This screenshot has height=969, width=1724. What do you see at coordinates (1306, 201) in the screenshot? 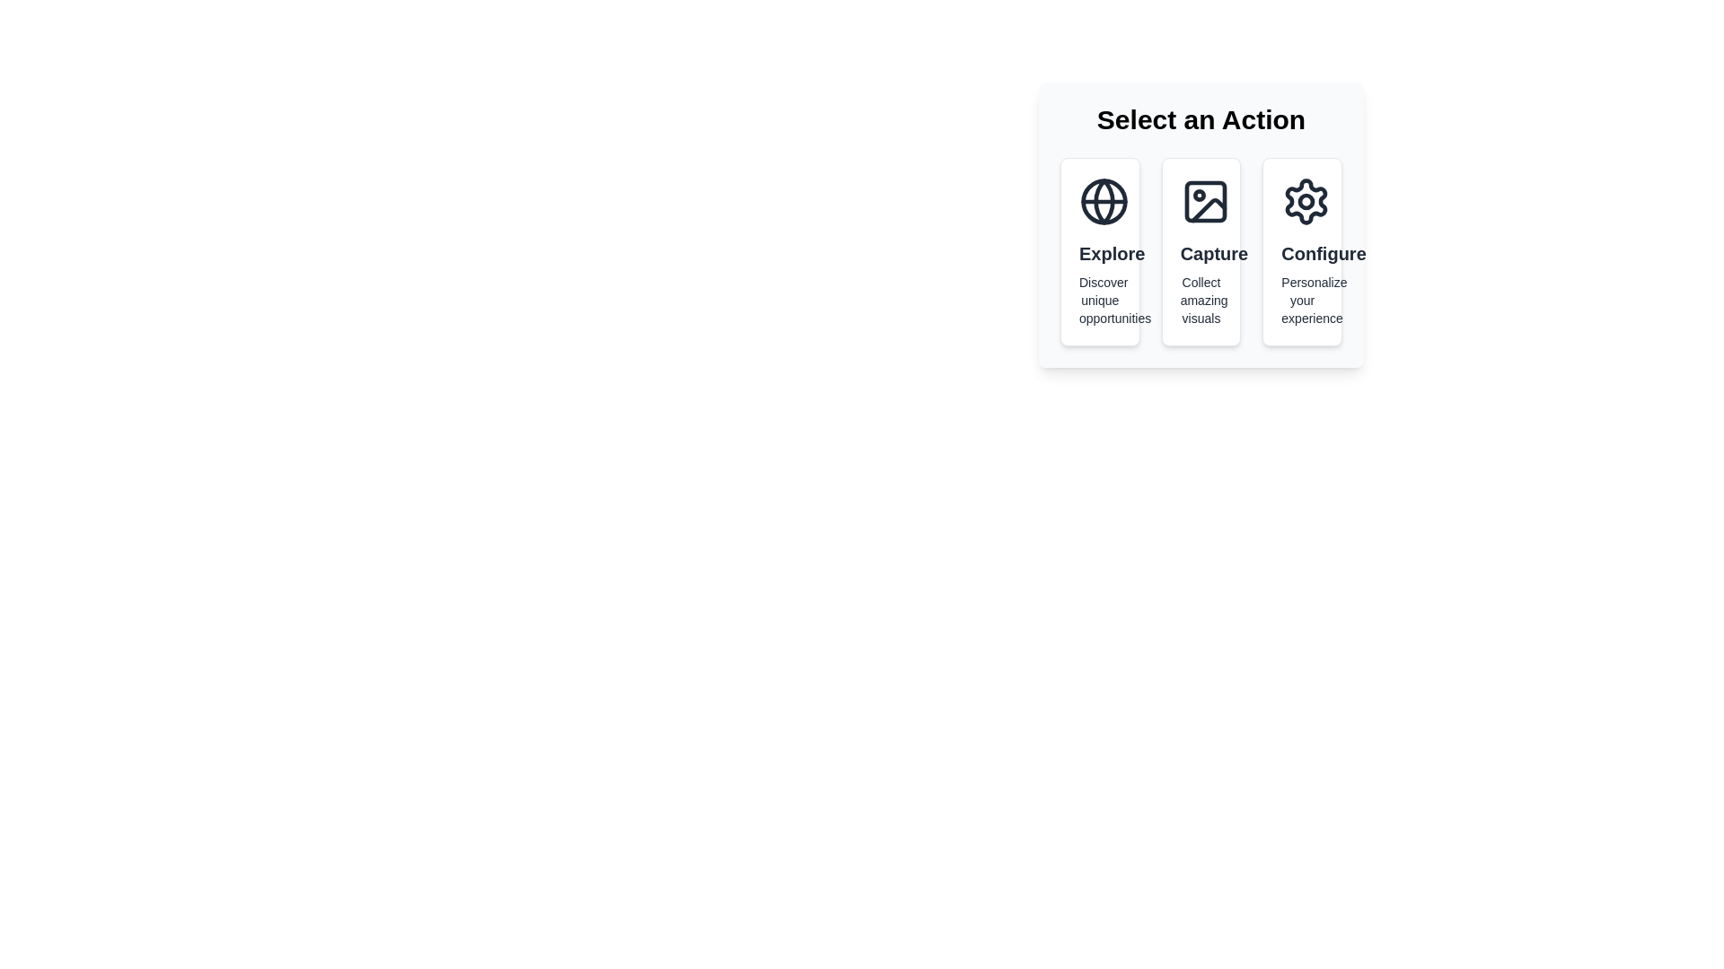
I see `the decorative SVG element that represents the inner circle of the gear graphic, located in the middle of the 'Configure' settings icon on the far right of the three-icon row under the 'Select an Action' section` at bounding box center [1306, 201].